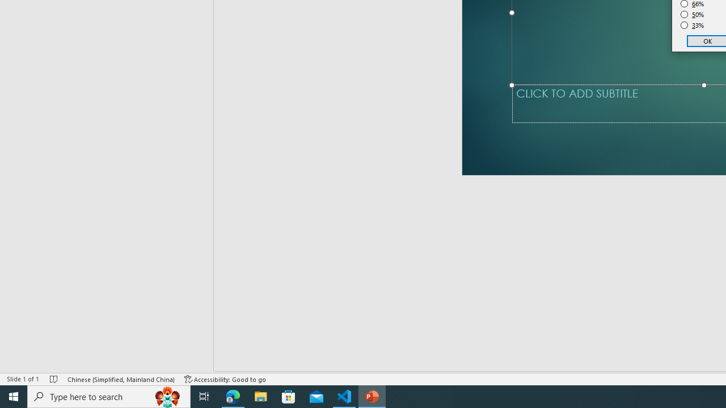  I want to click on 'Microsoft Store', so click(289, 396).